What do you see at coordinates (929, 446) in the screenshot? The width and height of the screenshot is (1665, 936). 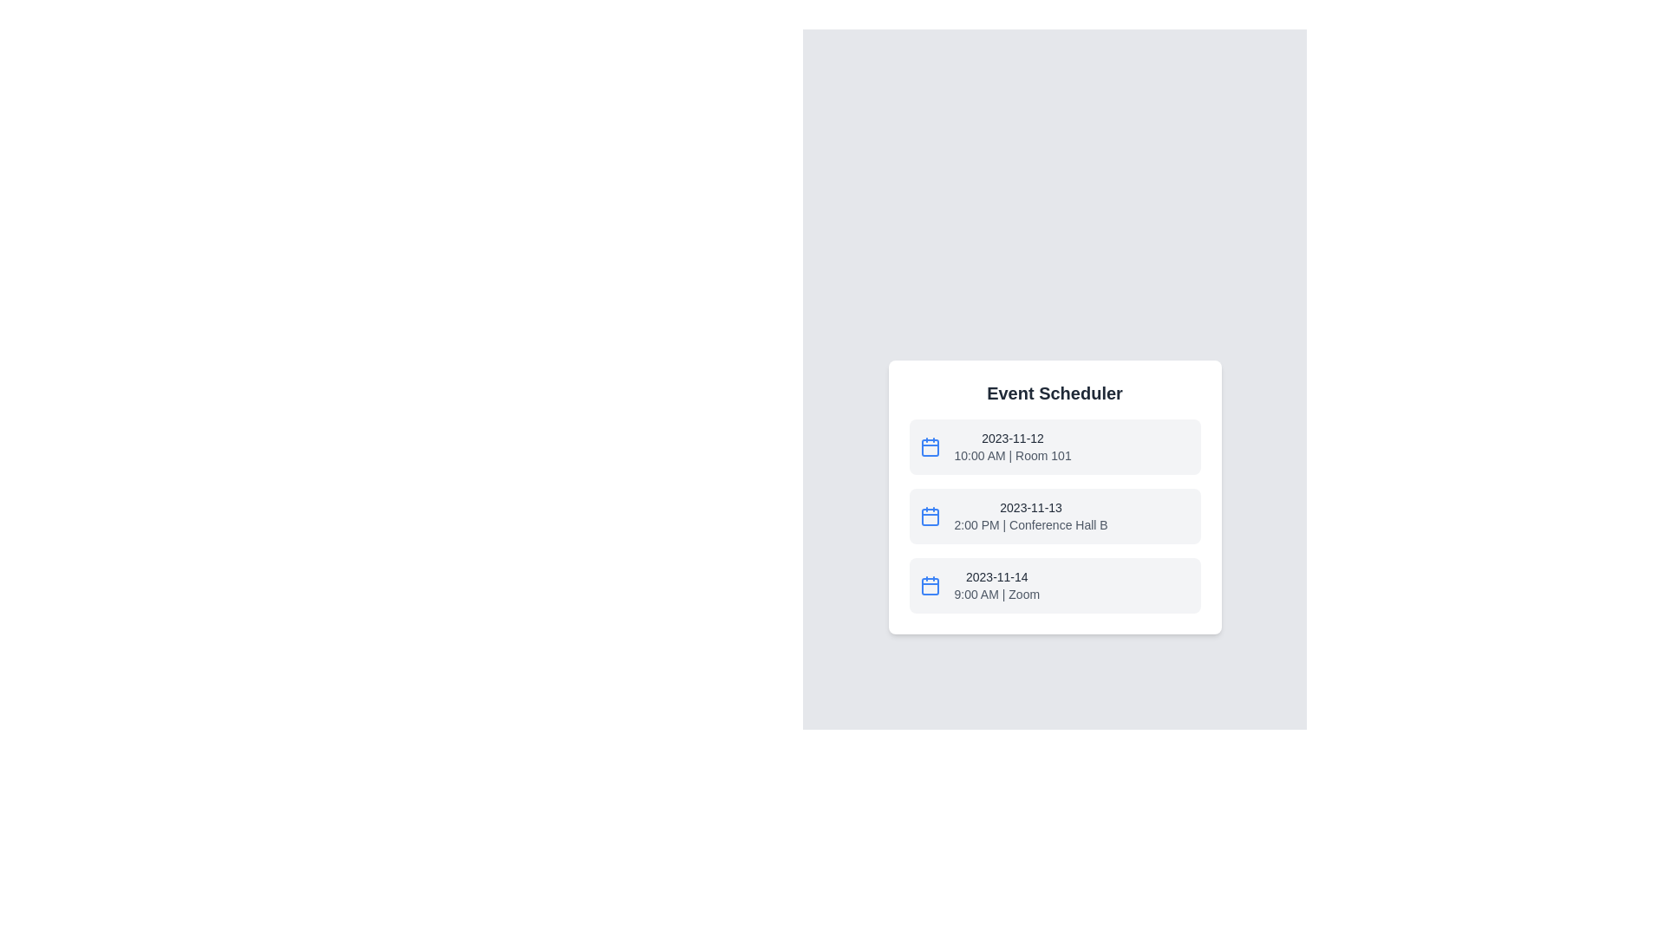 I see `the square-shaped icon with rounded borders located at the left-hand side of the first listing row in a vertical list` at bounding box center [929, 446].